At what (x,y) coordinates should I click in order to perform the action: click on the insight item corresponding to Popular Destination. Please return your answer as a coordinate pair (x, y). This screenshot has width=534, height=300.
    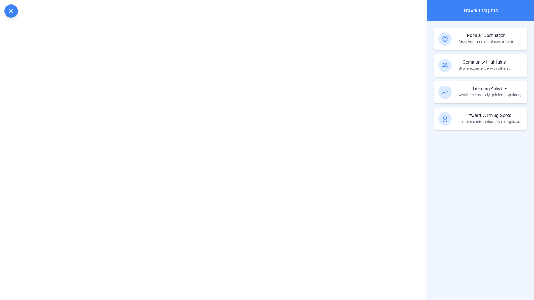
    Looking at the image, I should click on (480, 38).